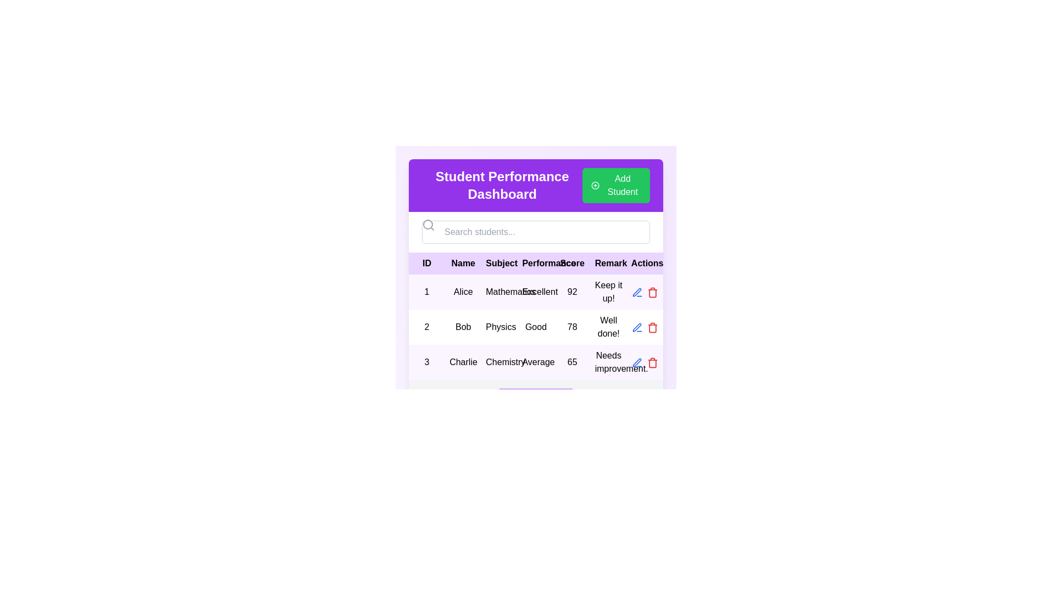 The image size is (1055, 593). I want to click on the text display element that shows the value '92' in the 'Score' column, which is located in the first row of the table between 'Performance' and 'Remark' columns, so click(571, 292).